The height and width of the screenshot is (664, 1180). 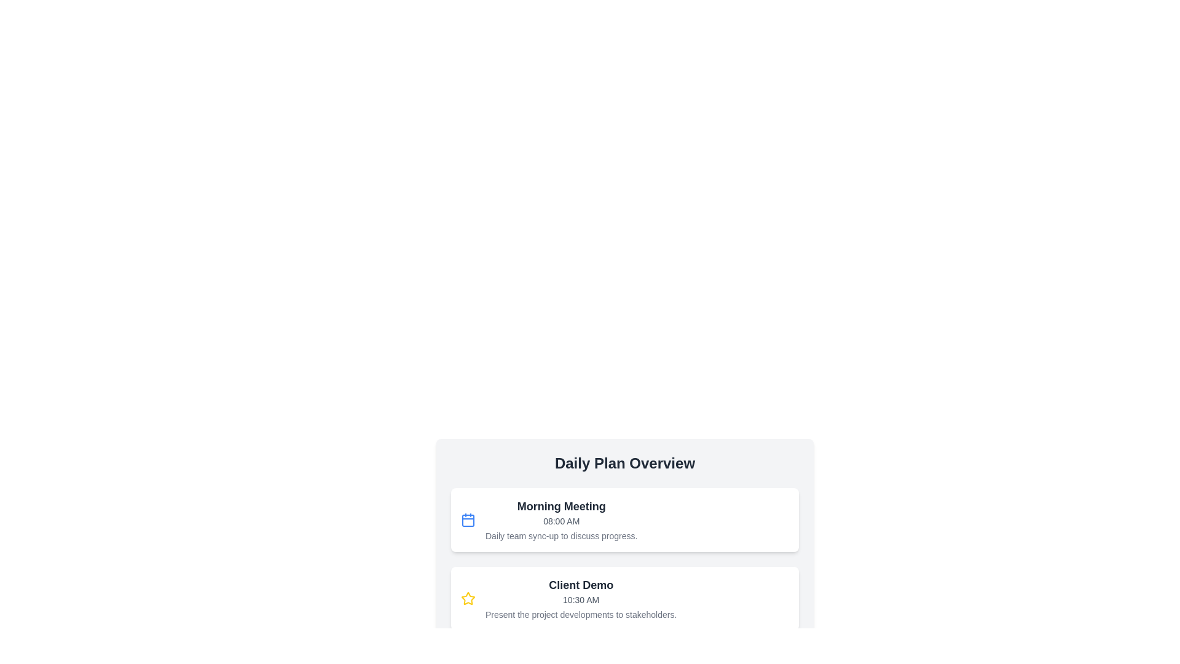 I want to click on text block titled 'Morning Meeting' which contains the time '08:00 AM' and the description 'Daily team sync-up to discuss progress.', so click(x=560, y=520).